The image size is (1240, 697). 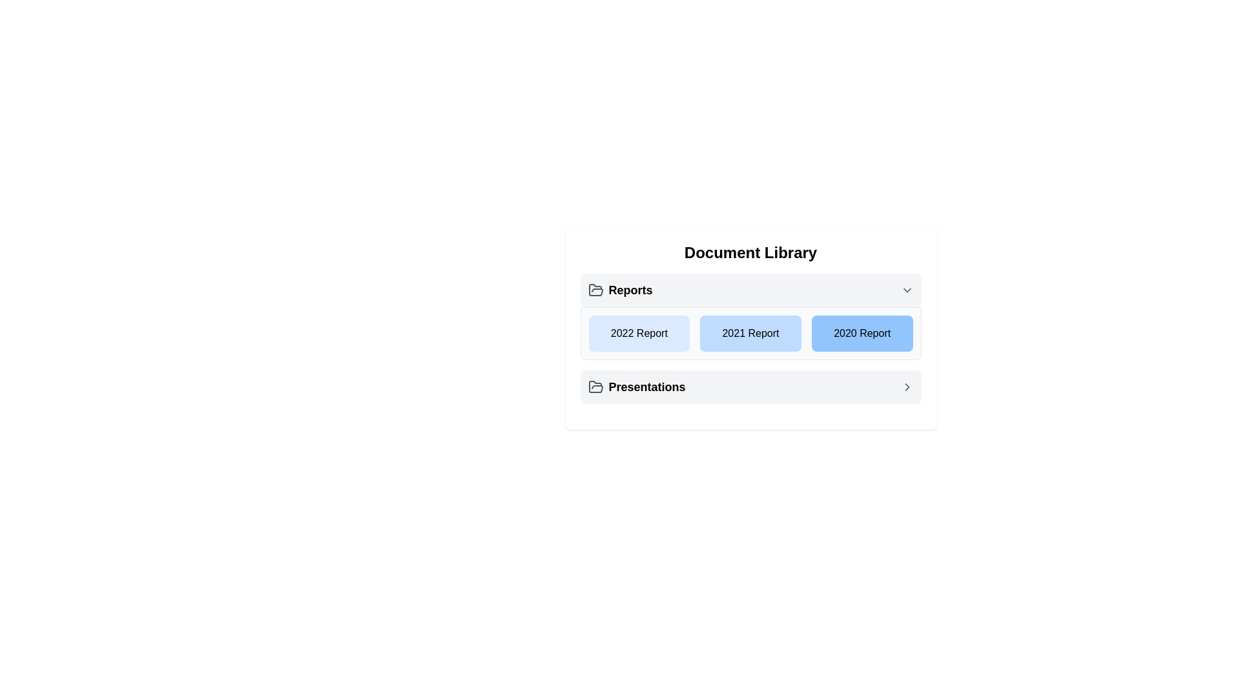 I want to click on on the second button in the horizontally-aligned group of year-specific reports ('2021 Report') located beneath the 'Reports' title in the 'Document Library' card, so click(x=750, y=332).